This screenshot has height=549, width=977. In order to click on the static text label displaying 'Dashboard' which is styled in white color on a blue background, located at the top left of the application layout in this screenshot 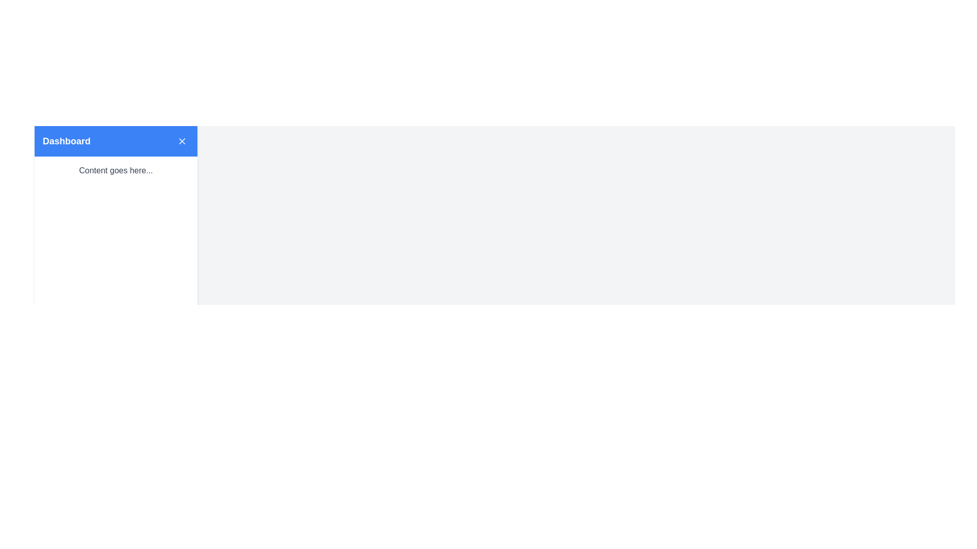, I will do `click(66, 141)`.